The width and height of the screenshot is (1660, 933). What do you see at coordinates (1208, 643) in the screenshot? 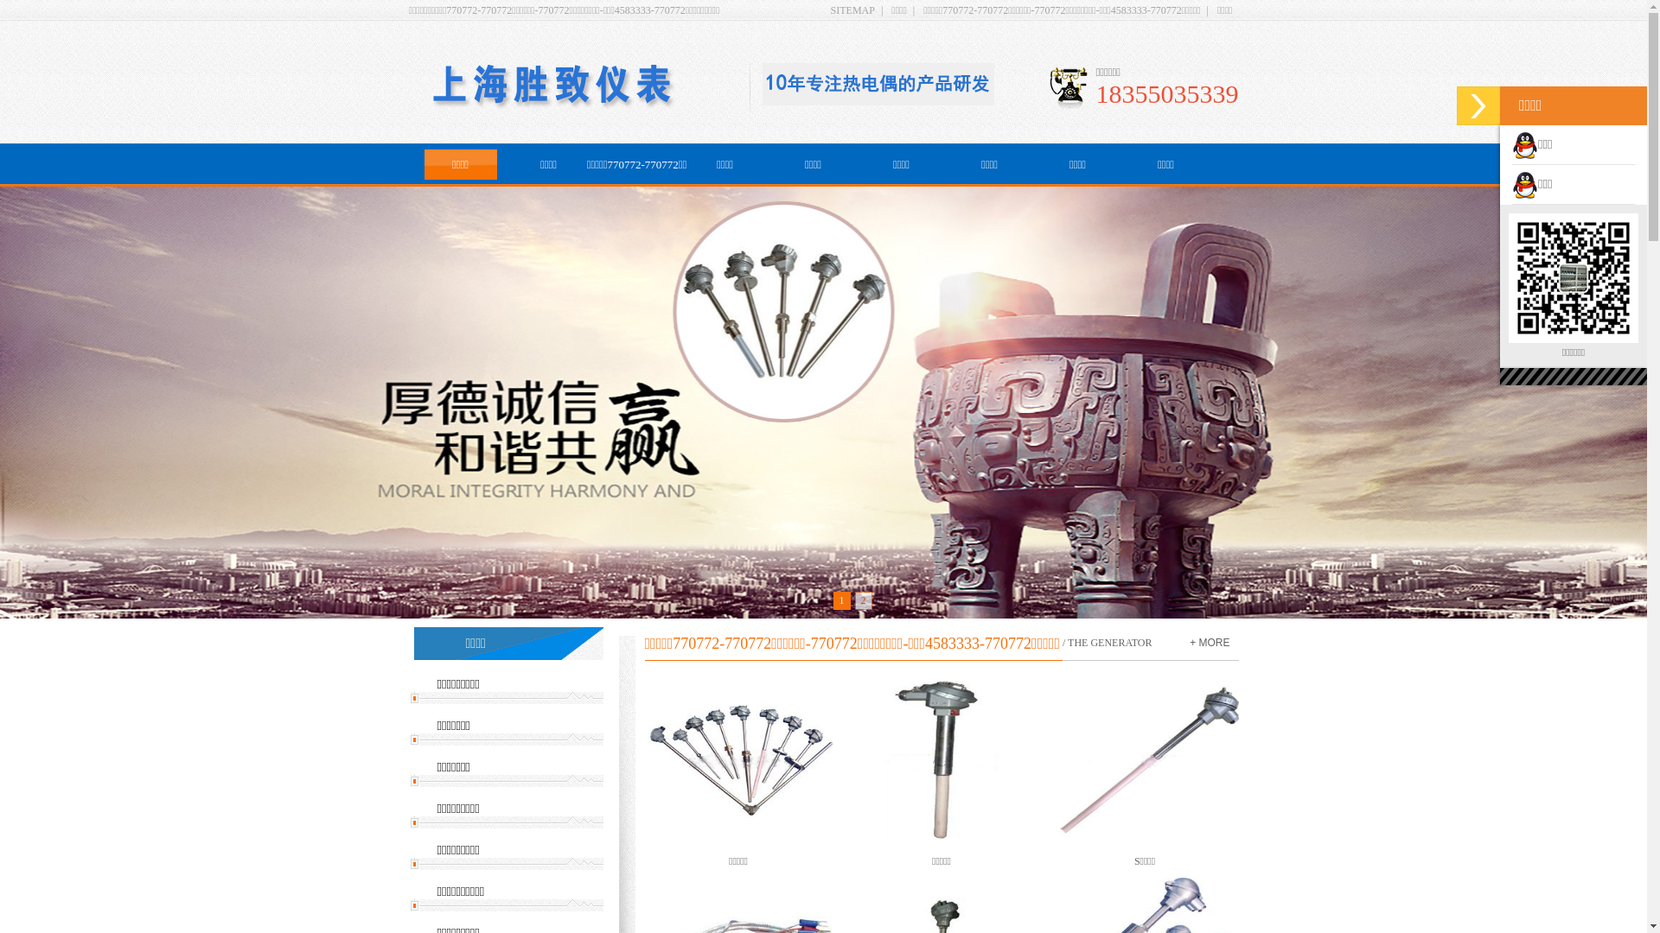
I see `'+ MORE'` at bounding box center [1208, 643].